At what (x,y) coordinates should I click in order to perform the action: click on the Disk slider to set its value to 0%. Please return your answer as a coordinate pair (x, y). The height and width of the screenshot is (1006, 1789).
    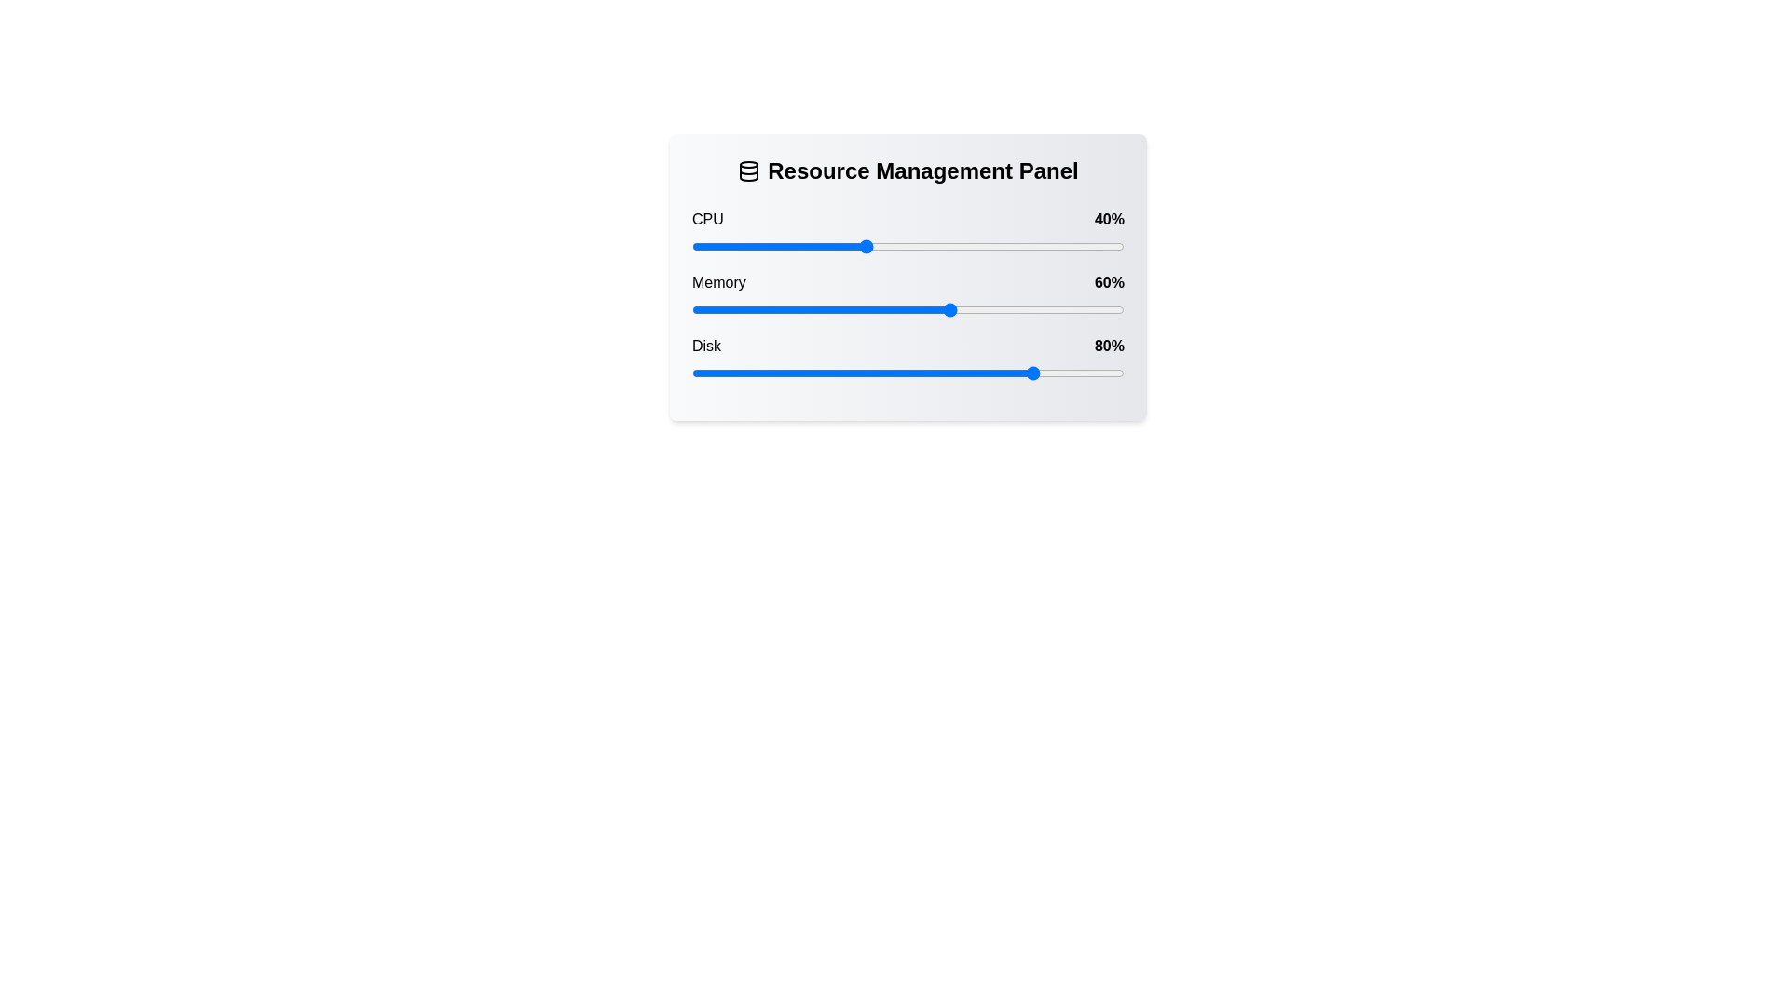
    Looking at the image, I should click on (691, 374).